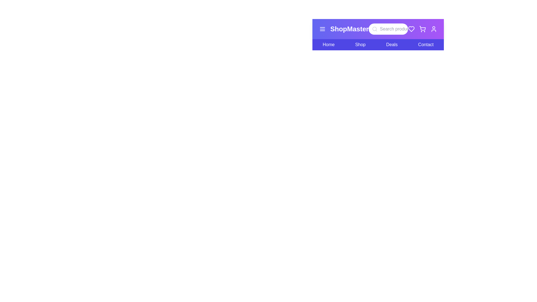 Image resolution: width=537 pixels, height=302 pixels. Describe the element at coordinates (322, 29) in the screenshot. I see `the menu icon to toggle the menu visibility` at that location.